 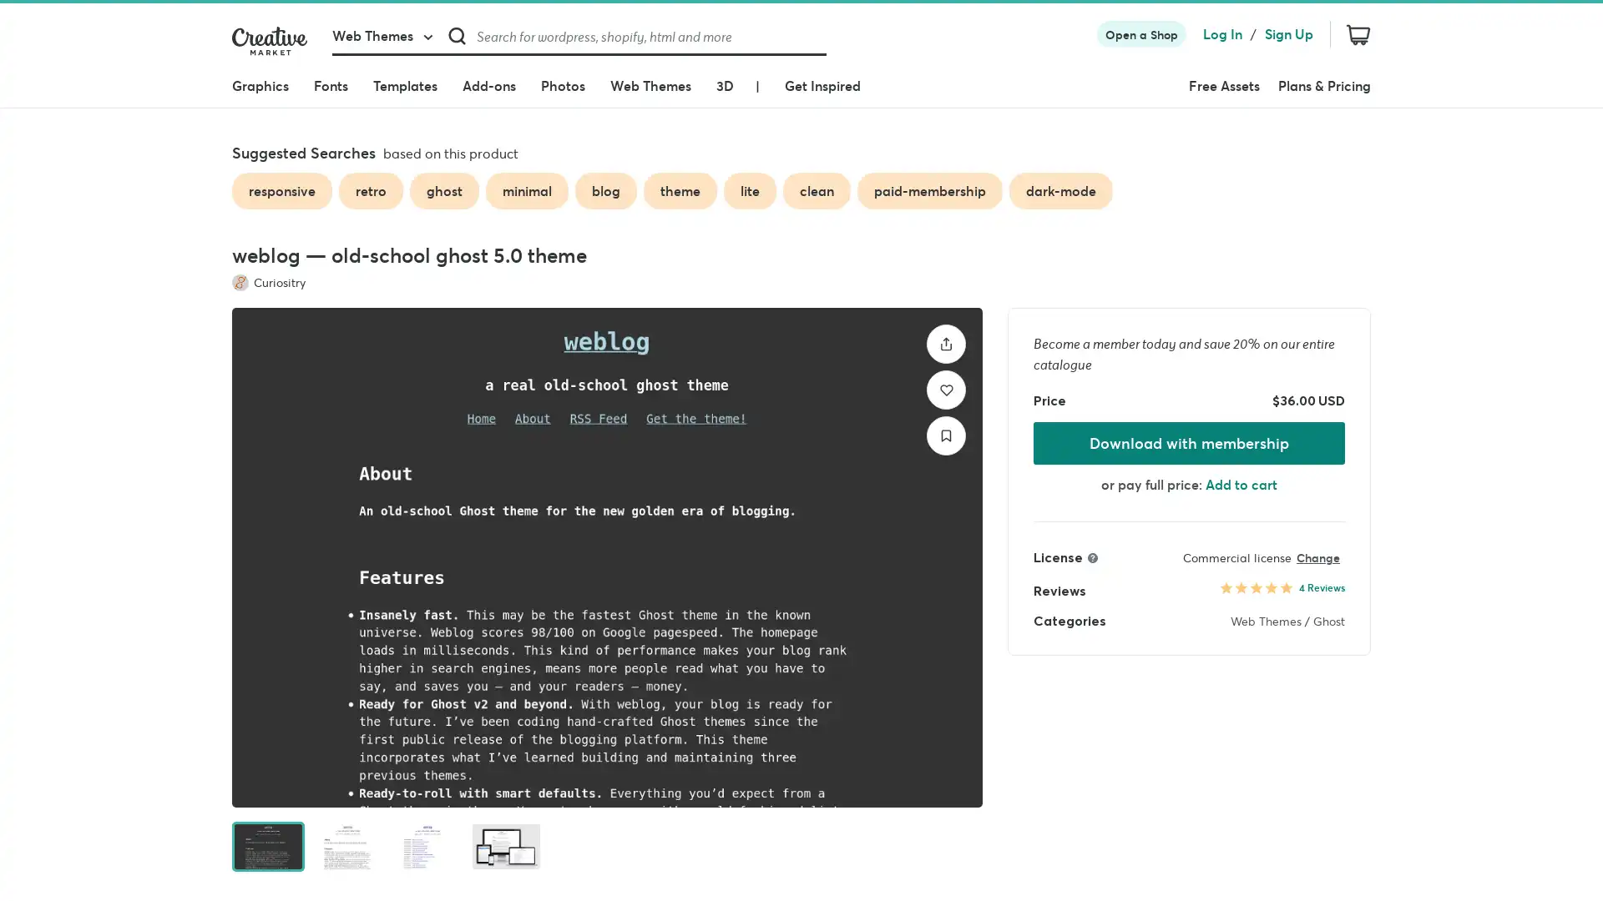 I want to click on Like, so click(x=946, y=389).